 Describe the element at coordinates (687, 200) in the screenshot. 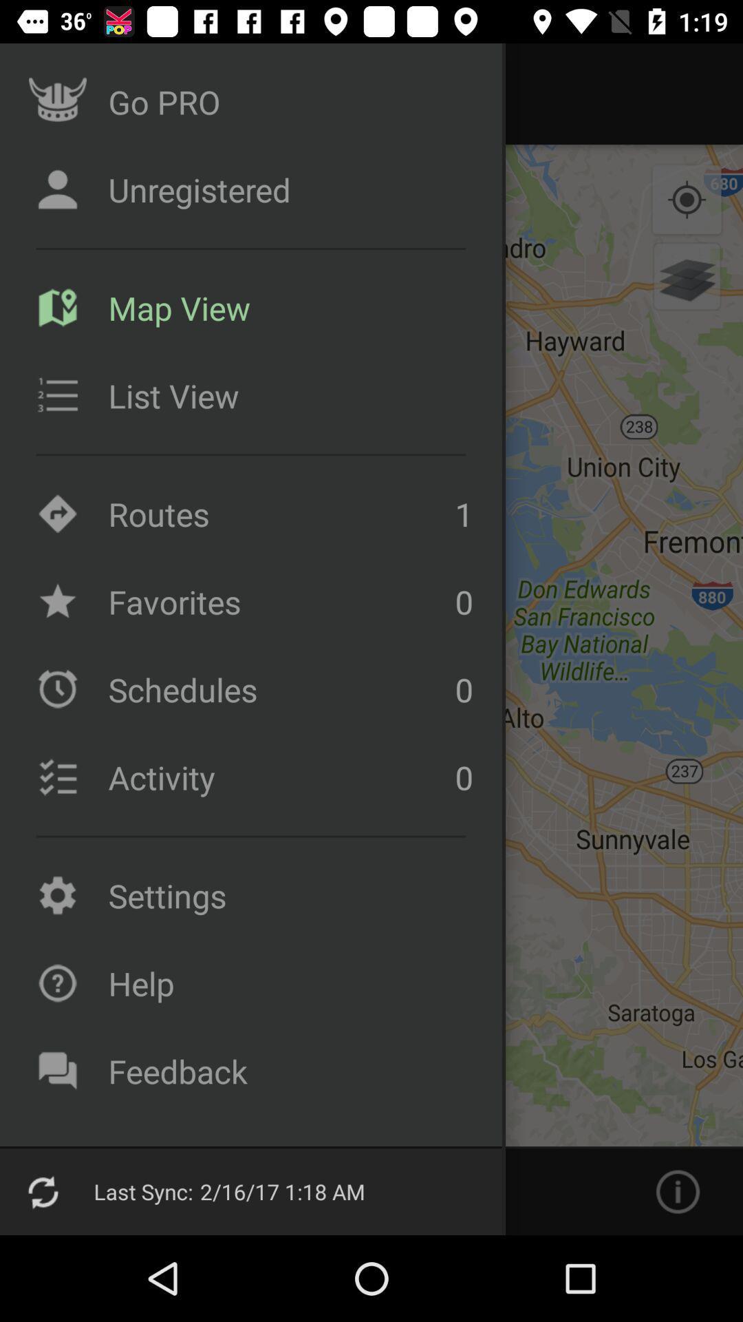

I see `the button which is at the top right side of the page` at that location.